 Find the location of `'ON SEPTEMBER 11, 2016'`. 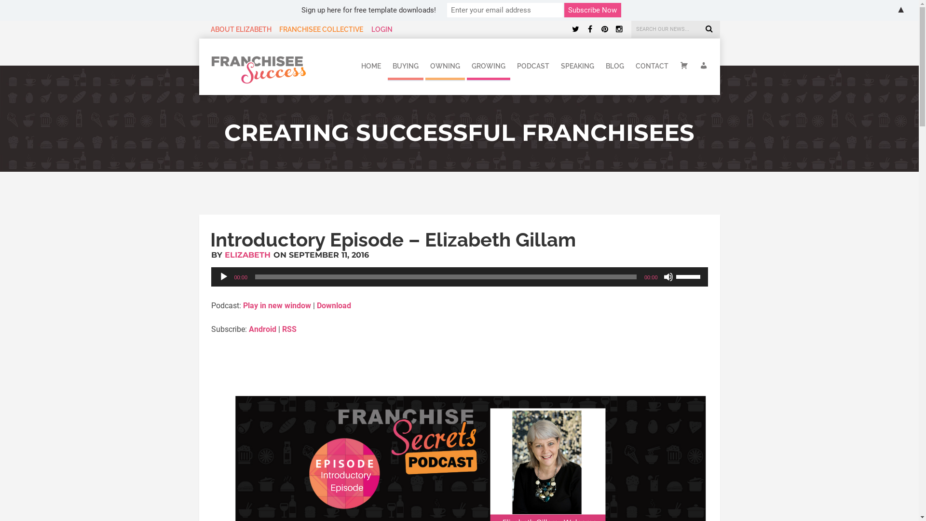

'ON SEPTEMBER 11, 2016' is located at coordinates (272, 254).